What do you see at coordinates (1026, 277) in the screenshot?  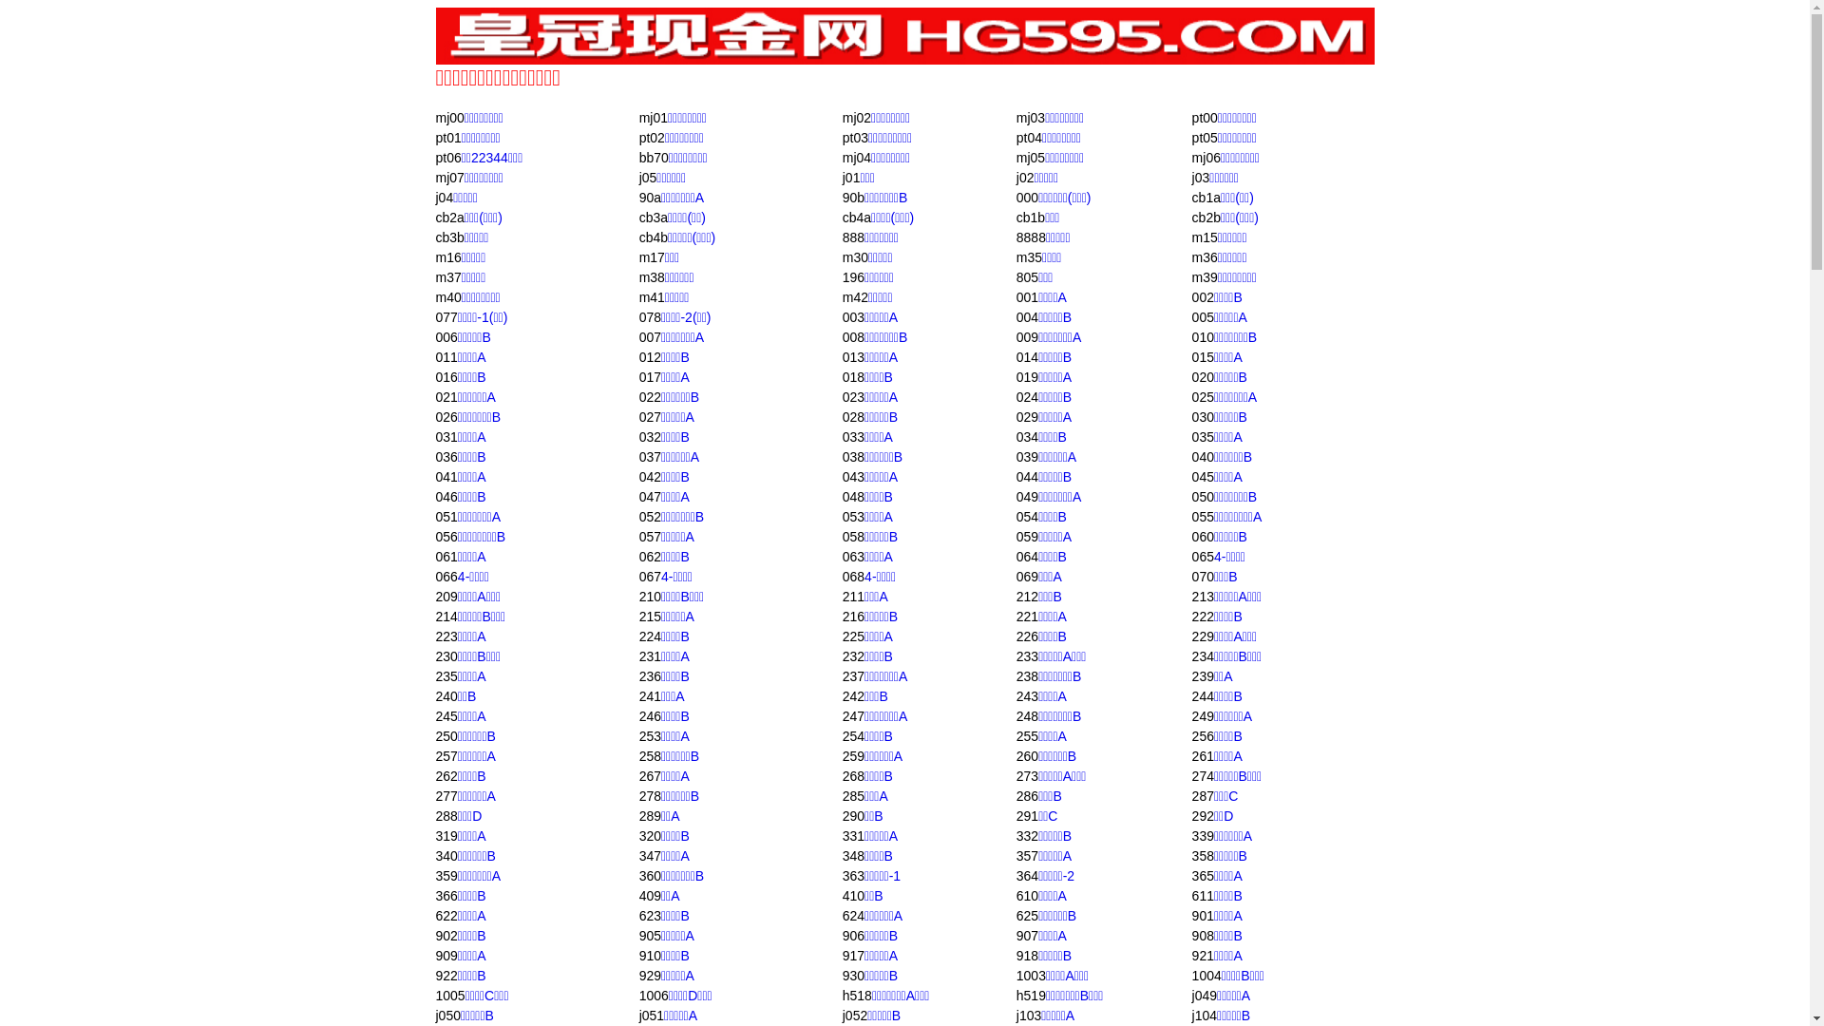 I see `'805'` at bounding box center [1026, 277].